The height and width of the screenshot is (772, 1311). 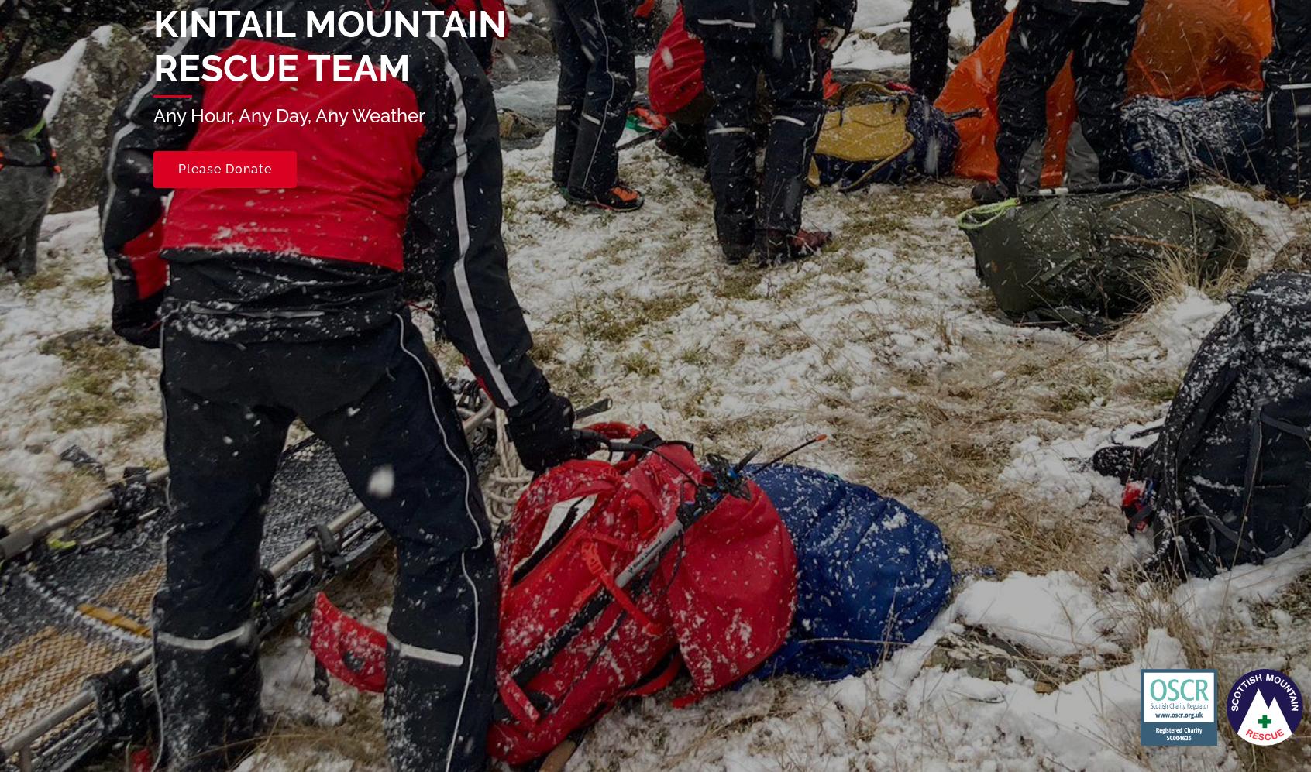 What do you see at coordinates (306, 534) in the screenshot?
I see `'SC004625'` at bounding box center [306, 534].